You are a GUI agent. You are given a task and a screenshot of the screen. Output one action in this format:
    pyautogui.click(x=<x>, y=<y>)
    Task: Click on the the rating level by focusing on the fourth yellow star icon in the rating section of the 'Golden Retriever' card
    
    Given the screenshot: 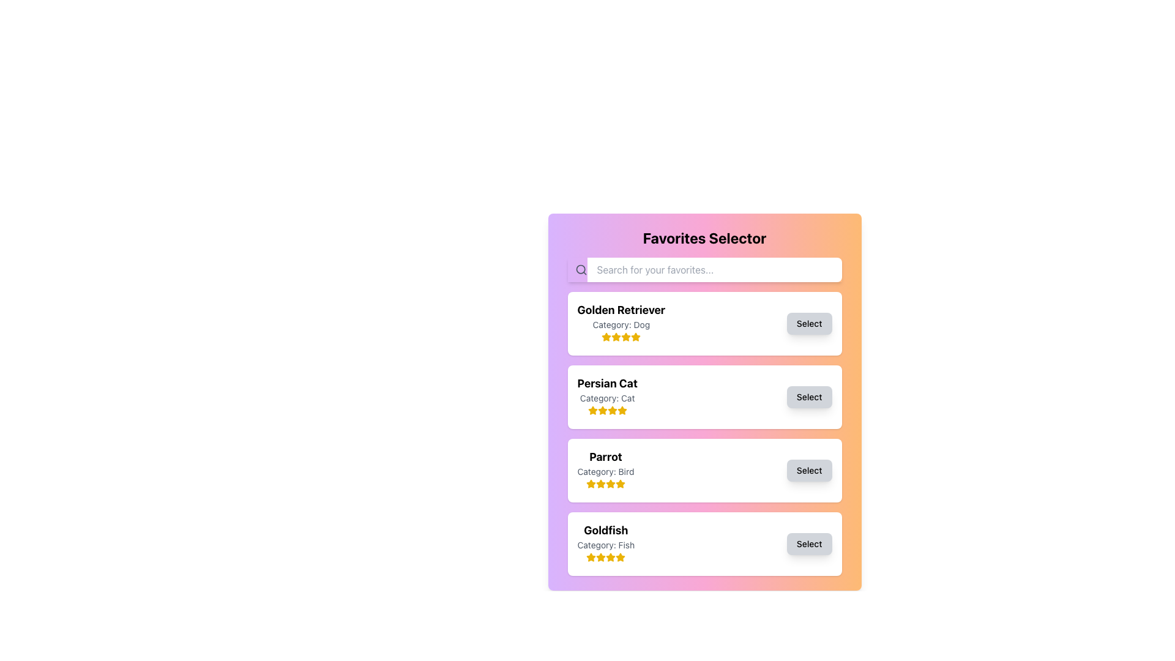 What is the action you would take?
    pyautogui.click(x=626, y=337)
    